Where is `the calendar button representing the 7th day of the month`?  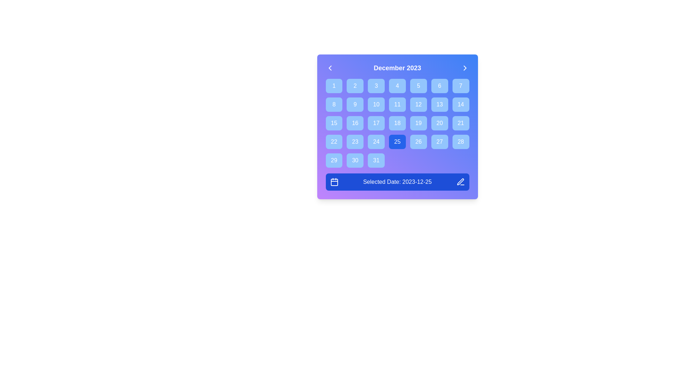 the calendar button representing the 7th day of the month is located at coordinates (461, 85).